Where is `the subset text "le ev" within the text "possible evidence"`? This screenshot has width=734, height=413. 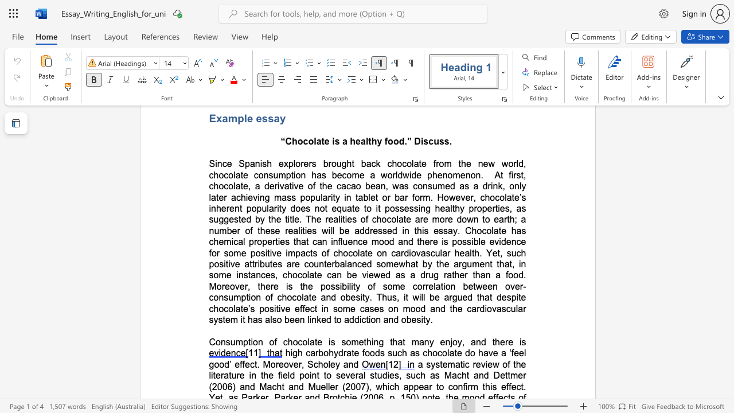 the subset text "le ev" within the text "possible evidence" is located at coordinates (478, 241).